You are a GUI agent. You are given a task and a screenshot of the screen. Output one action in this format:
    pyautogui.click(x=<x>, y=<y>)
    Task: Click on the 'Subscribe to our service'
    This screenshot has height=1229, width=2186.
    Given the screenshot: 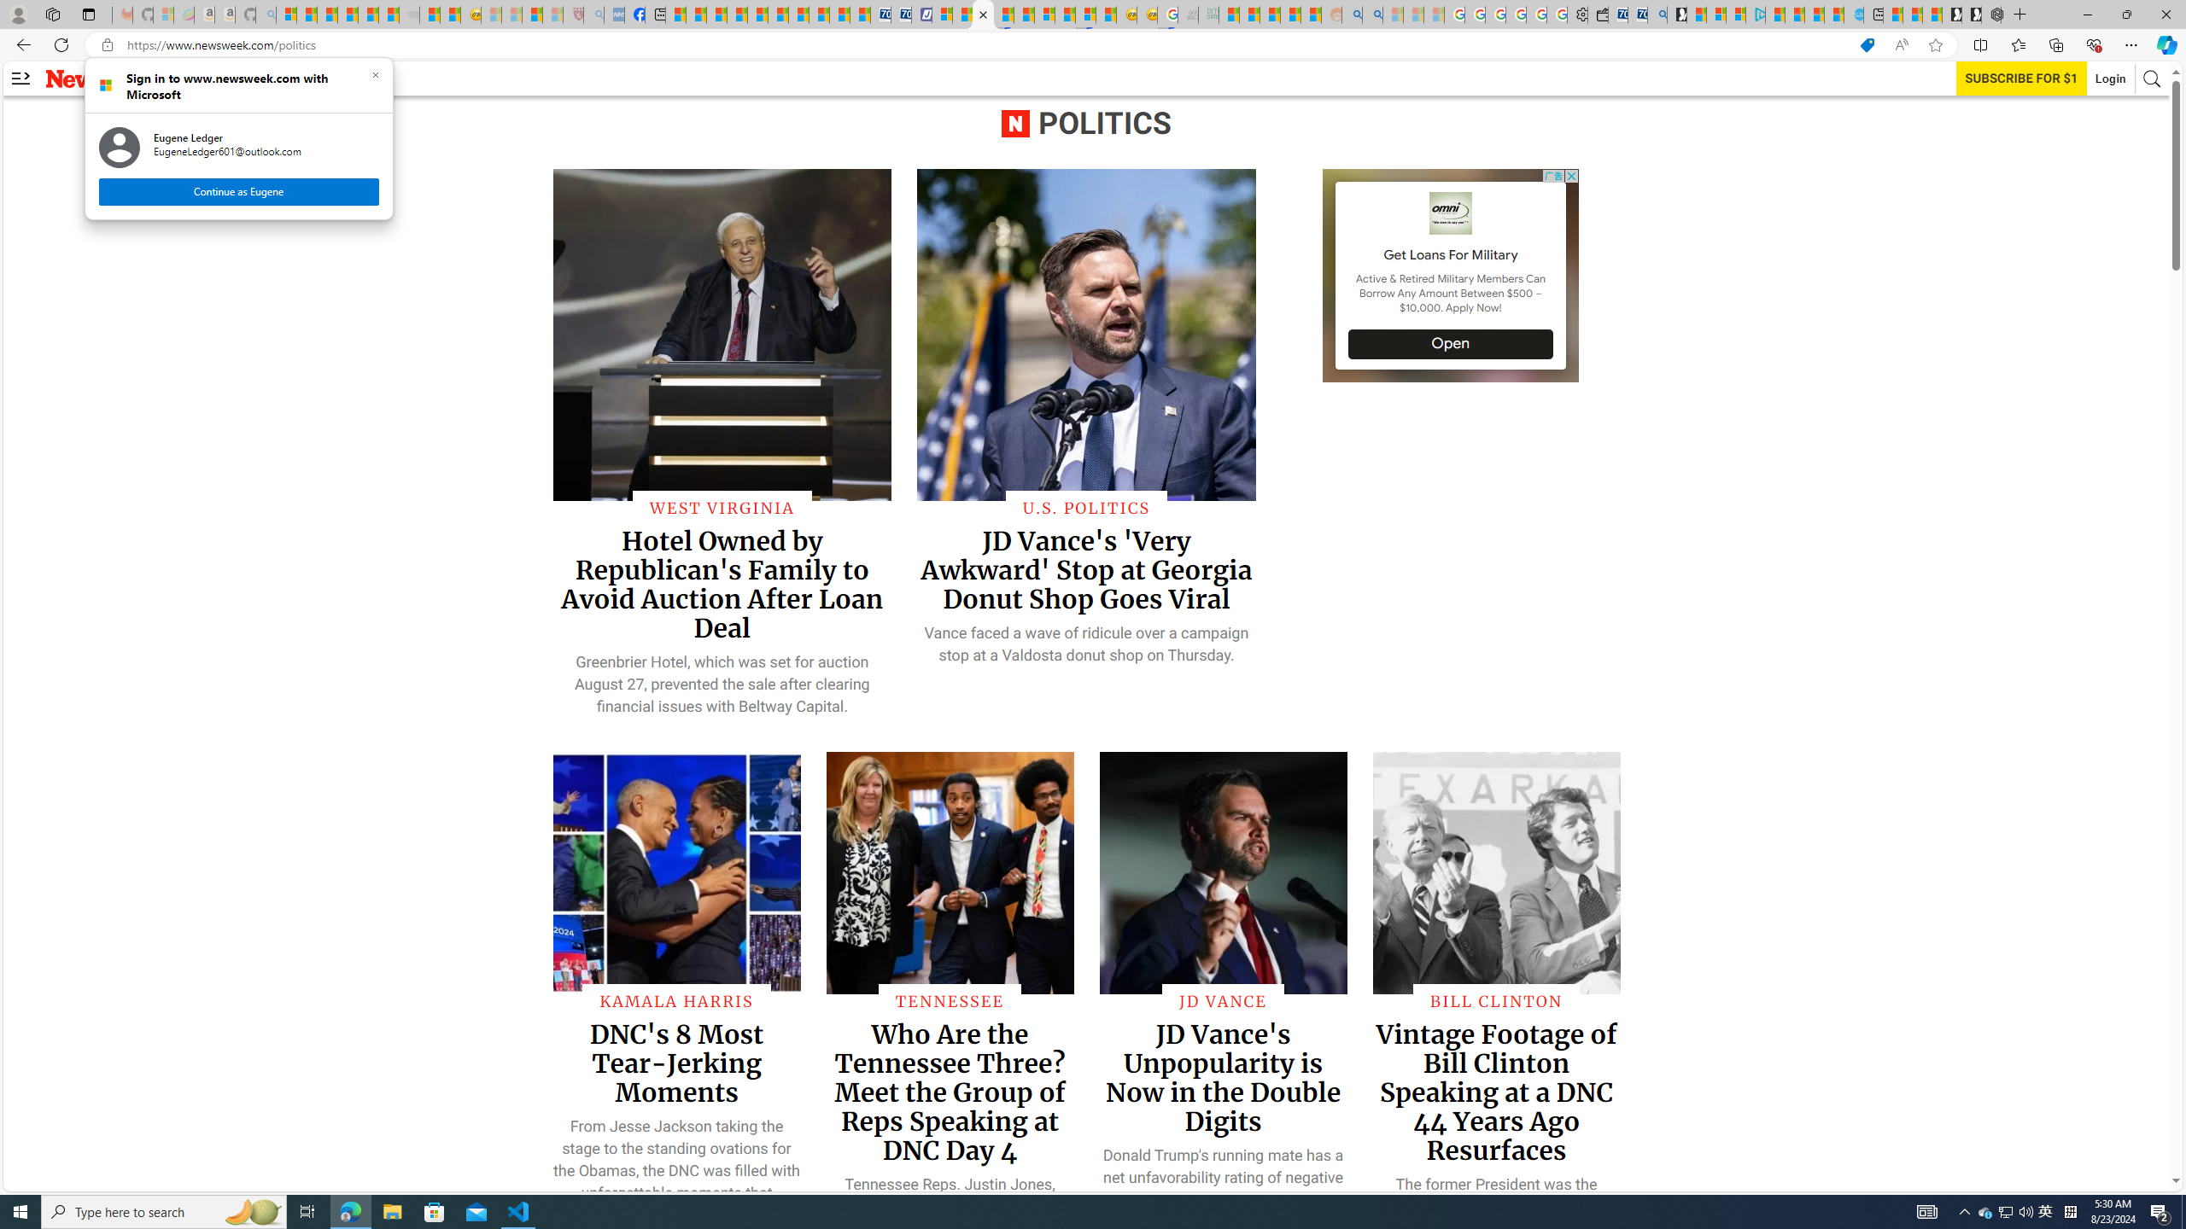 What is the action you would take?
    pyautogui.click(x=2022, y=78)
    